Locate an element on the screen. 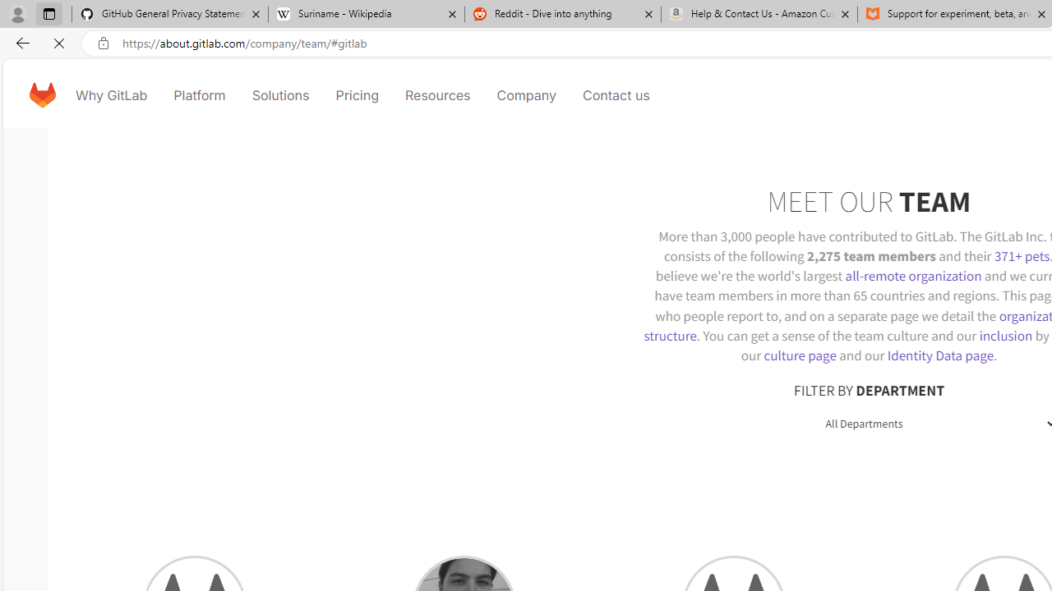  'Pricing' is located at coordinates (355, 94).